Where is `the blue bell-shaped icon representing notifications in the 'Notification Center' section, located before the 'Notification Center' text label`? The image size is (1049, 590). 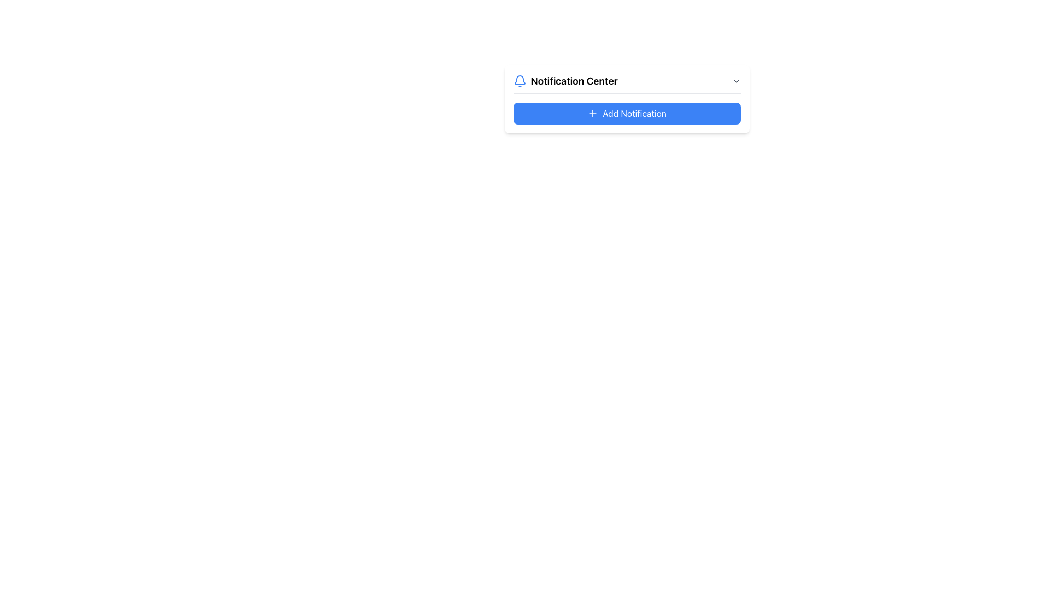
the blue bell-shaped icon representing notifications in the 'Notification Center' section, located before the 'Notification Center' text label is located at coordinates (519, 81).